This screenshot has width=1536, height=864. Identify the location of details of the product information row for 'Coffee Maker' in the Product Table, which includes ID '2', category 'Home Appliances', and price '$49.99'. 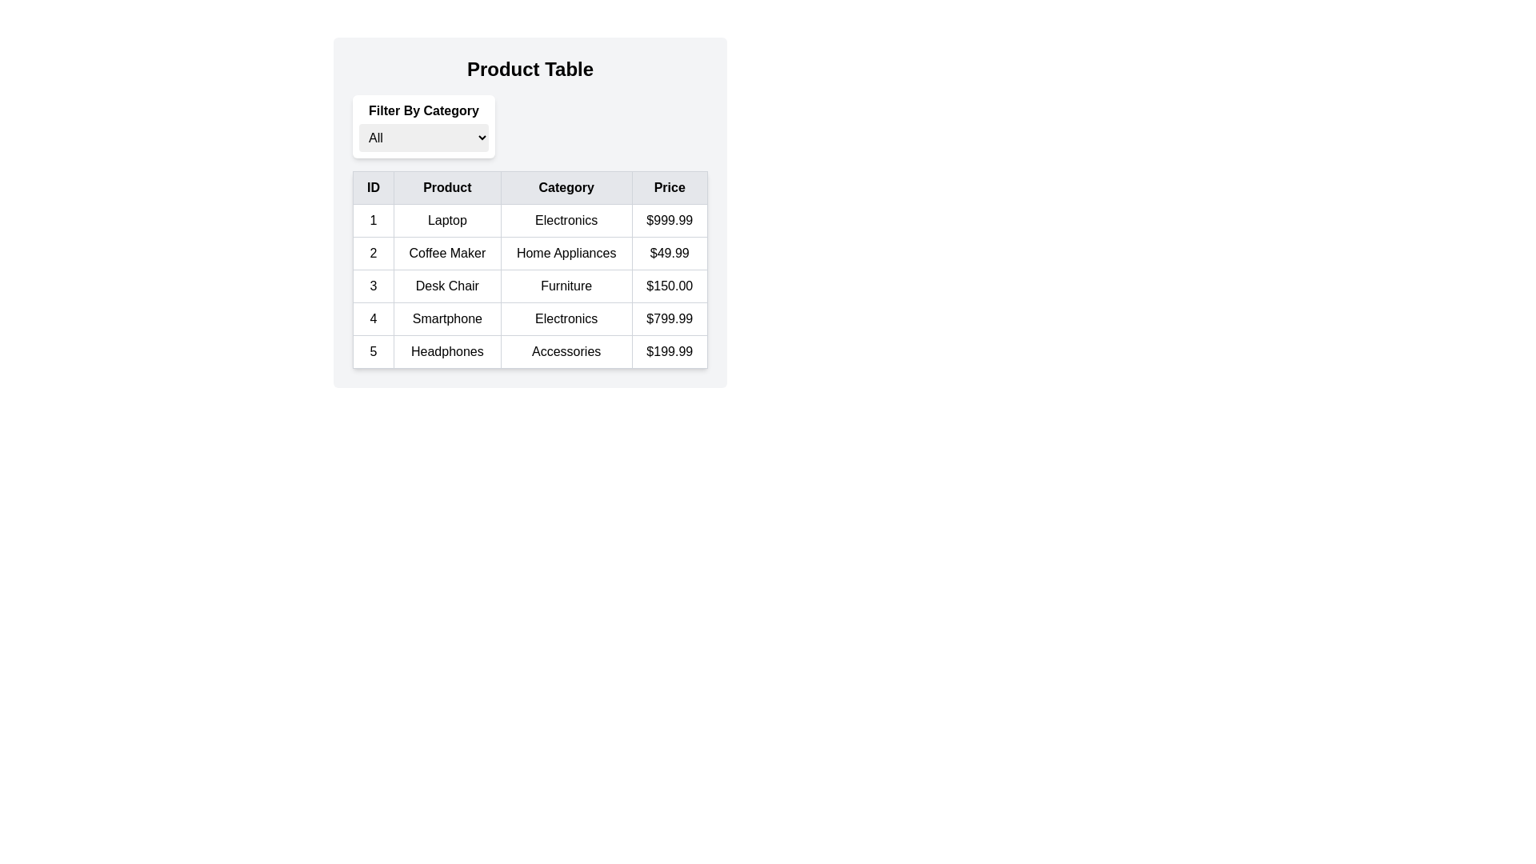
(530, 252).